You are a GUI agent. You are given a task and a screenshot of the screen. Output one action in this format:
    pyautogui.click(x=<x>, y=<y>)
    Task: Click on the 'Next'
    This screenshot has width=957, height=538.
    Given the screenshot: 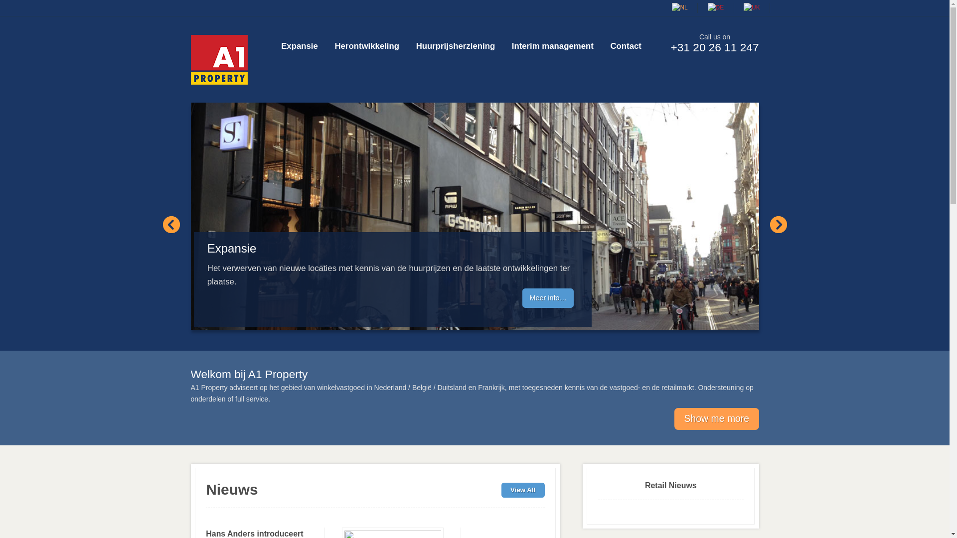 What is the action you would take?
    pyautogui.click(x=777, y=225)
    